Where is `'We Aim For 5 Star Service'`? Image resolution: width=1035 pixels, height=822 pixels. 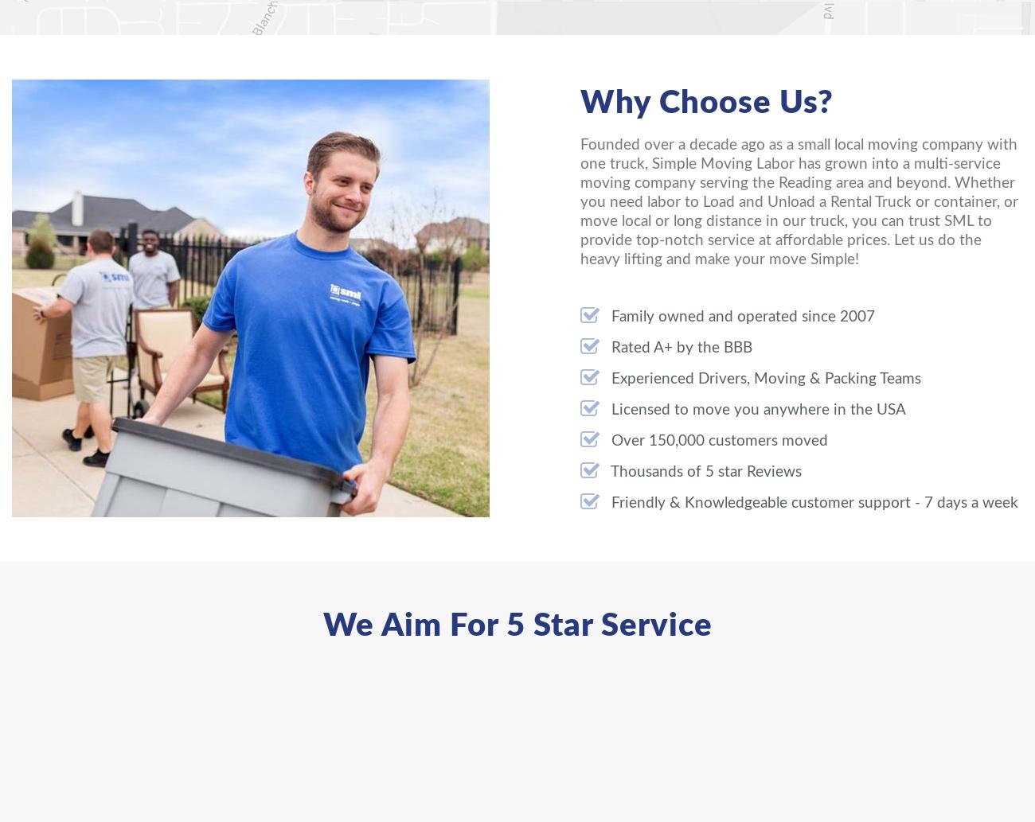
'We Aim For 5 Star Service' is located at coordinates (517, 626).